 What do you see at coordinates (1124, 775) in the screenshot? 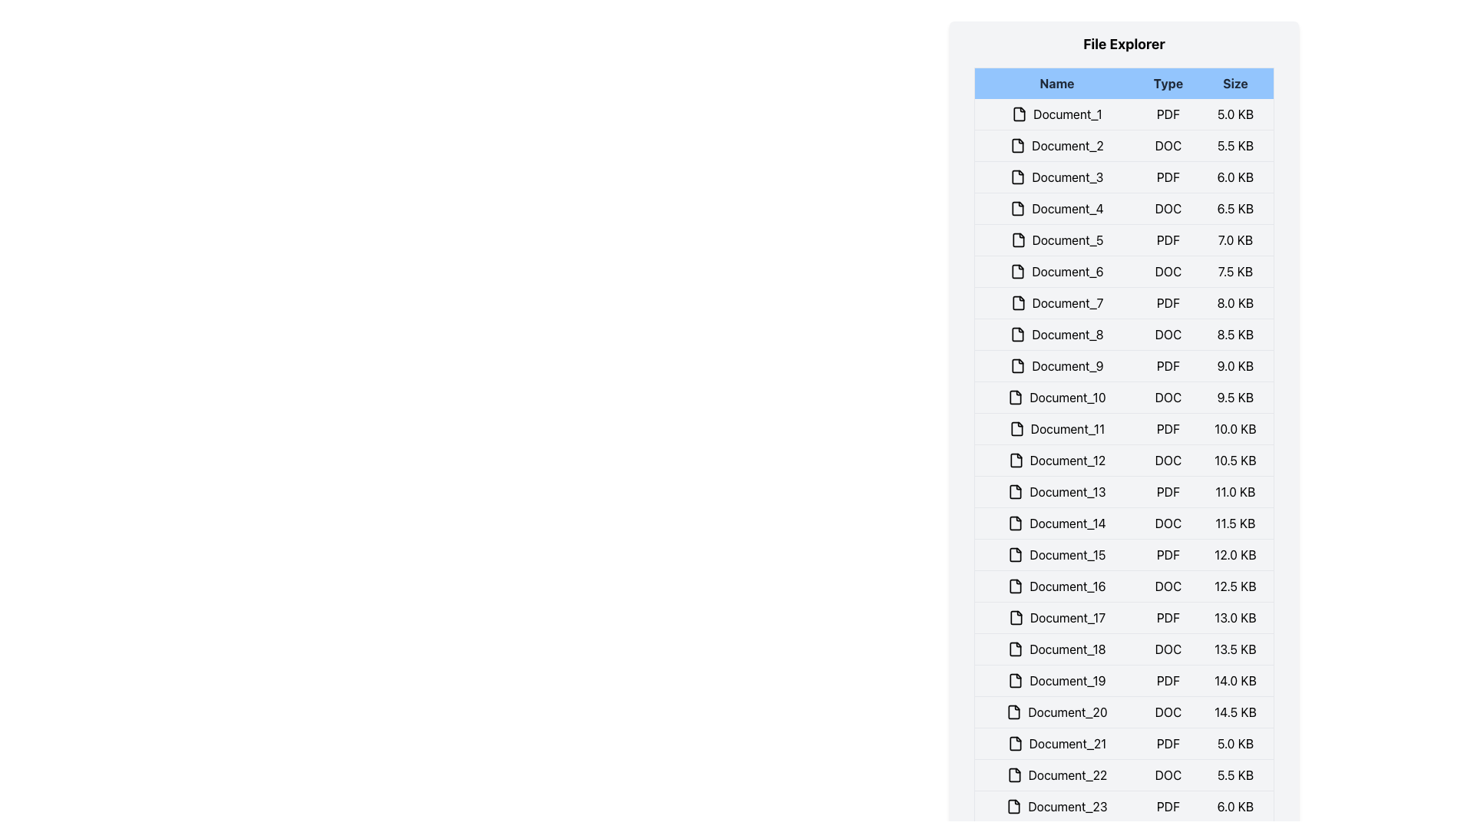
I see `the 22nd item in the file explorer list` at bounding box center [1124, 775].